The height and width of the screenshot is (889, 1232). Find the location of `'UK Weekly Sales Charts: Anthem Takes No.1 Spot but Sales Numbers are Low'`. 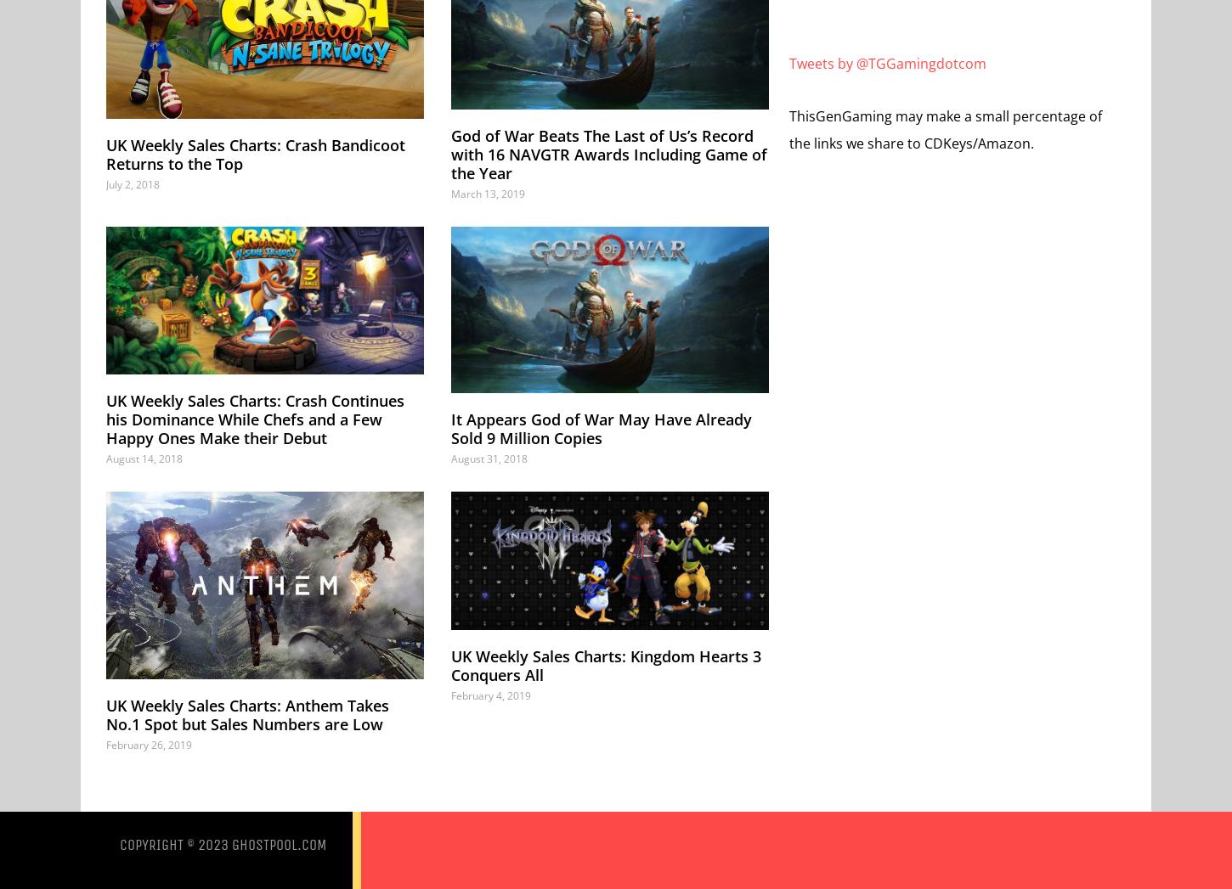

'UK Weekly Sales Charts: Anthem Takes No.1 Spot but Sales Numbers are Low' is located at coordinates (247, 714).